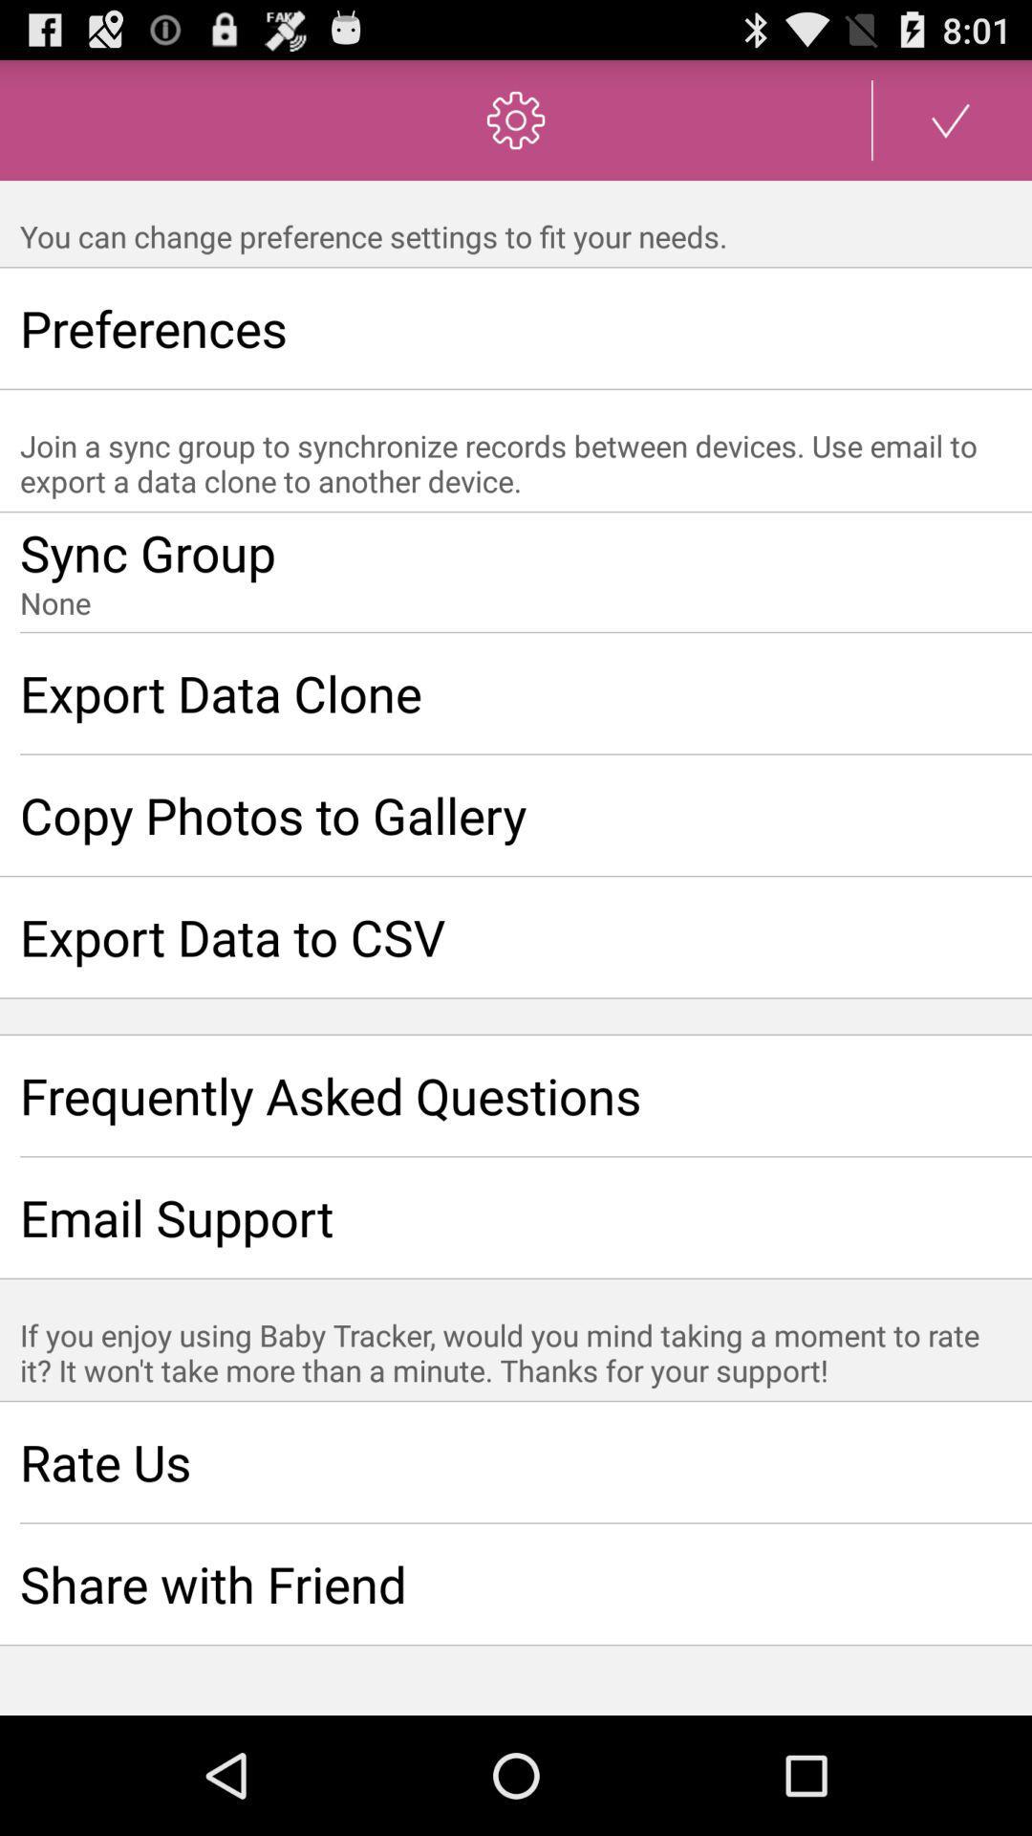  I want to click on rate us, so click(516, 1461).